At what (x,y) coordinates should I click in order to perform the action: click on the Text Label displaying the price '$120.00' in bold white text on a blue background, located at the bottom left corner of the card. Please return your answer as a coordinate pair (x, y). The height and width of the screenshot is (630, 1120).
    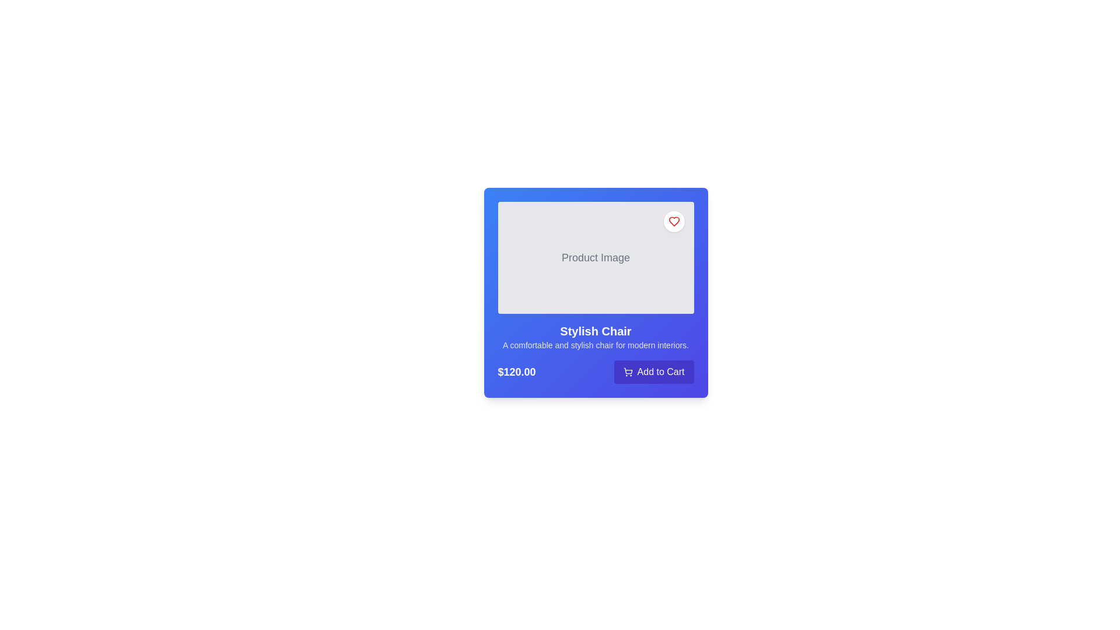
    Looking at the image, I should click on (516, 372).